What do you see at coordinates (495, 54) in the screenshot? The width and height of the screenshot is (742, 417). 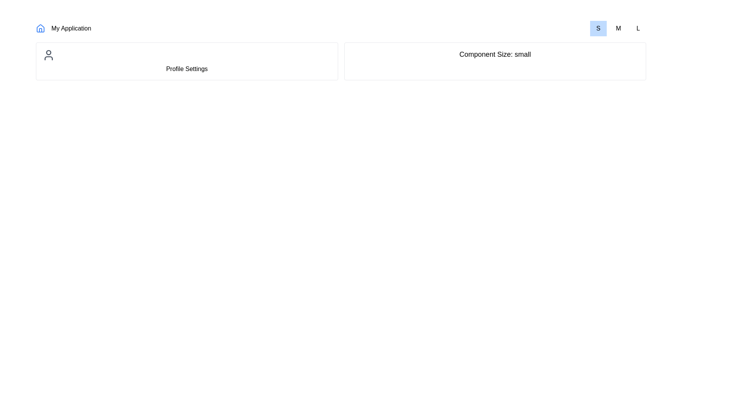 I see `the text element displaying 'small'` at bounding box center [495, 54].